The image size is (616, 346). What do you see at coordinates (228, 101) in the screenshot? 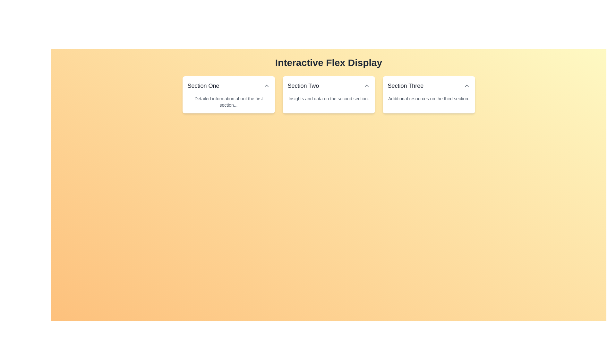
I see `the static text label displaying 'Detailed information about the first section...' located beneath the main title in 'Section One.'` at bounding box center [228, 101].